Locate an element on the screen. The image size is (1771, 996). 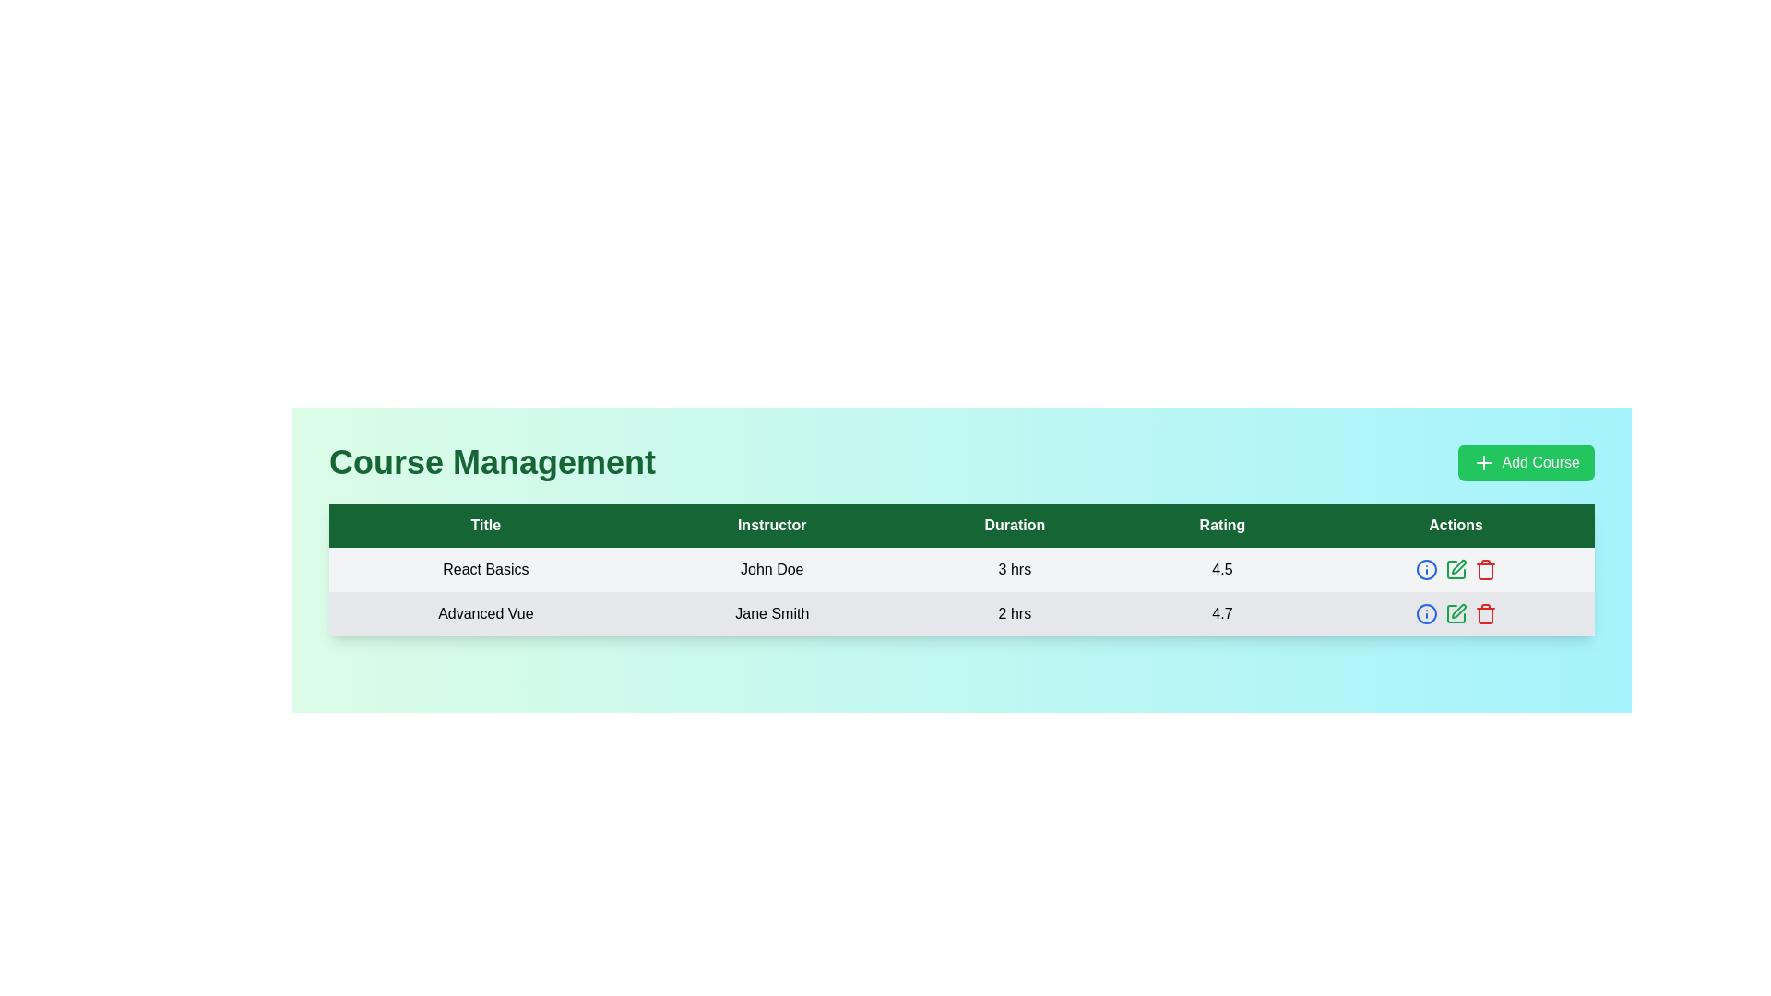
the static text display showing 'John Doe' in the second column of the first data row under the 'Instructor' header is located at coordinates (772, 568).